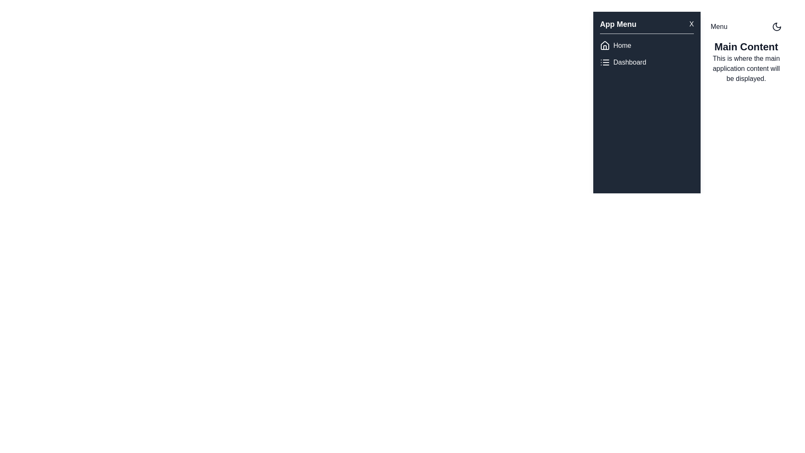 Image resolution: width=805 pixels, height=453 pixels. I want to click on the 'Dashboard' icon in the left-hand navigation menu, which serves as a visual aid for quick recognition of the dashboard functionality, so click(605, 62).